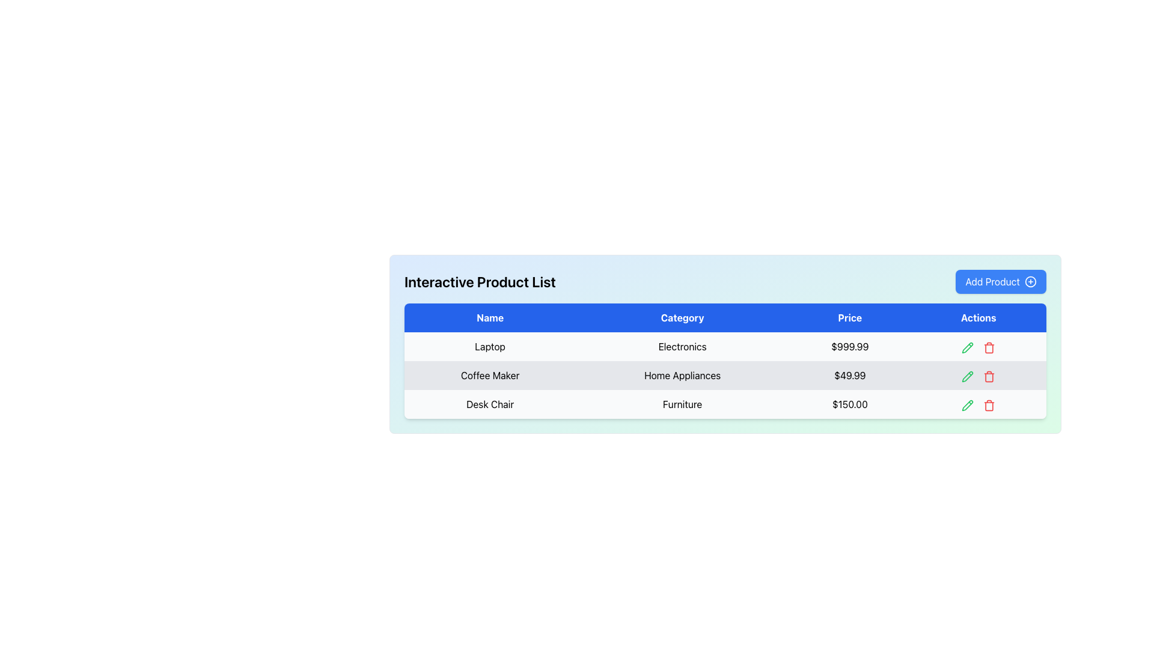 The height and width of the screenshot is (649, 1154). Describe the element at coordinates (682, 374) in the screenshot. I see `the 'Home Appliances' text label located in the second row, second column of the 'Interactive Product List' table, which is part of the product details for 'Coffee Maker'` at that location.